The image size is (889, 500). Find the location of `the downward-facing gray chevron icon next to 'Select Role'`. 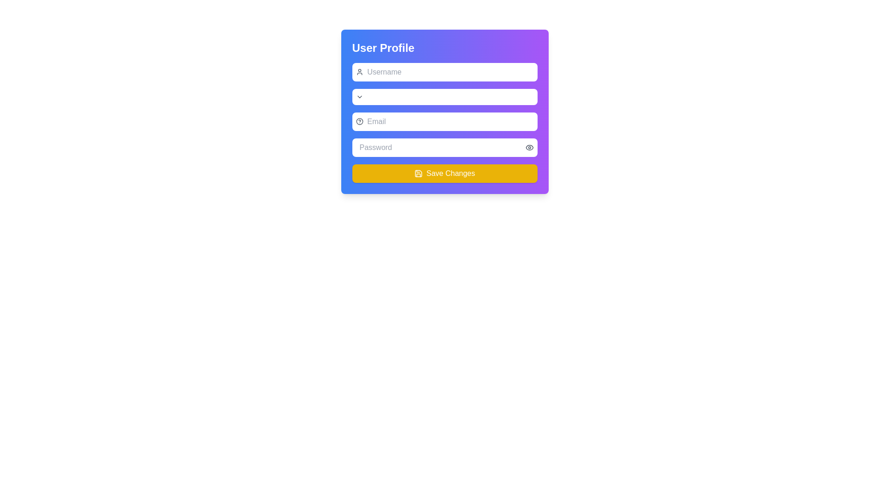

the downward-facing gray chevron icon next to 'Select Role' is located at coordinates (359, 97).